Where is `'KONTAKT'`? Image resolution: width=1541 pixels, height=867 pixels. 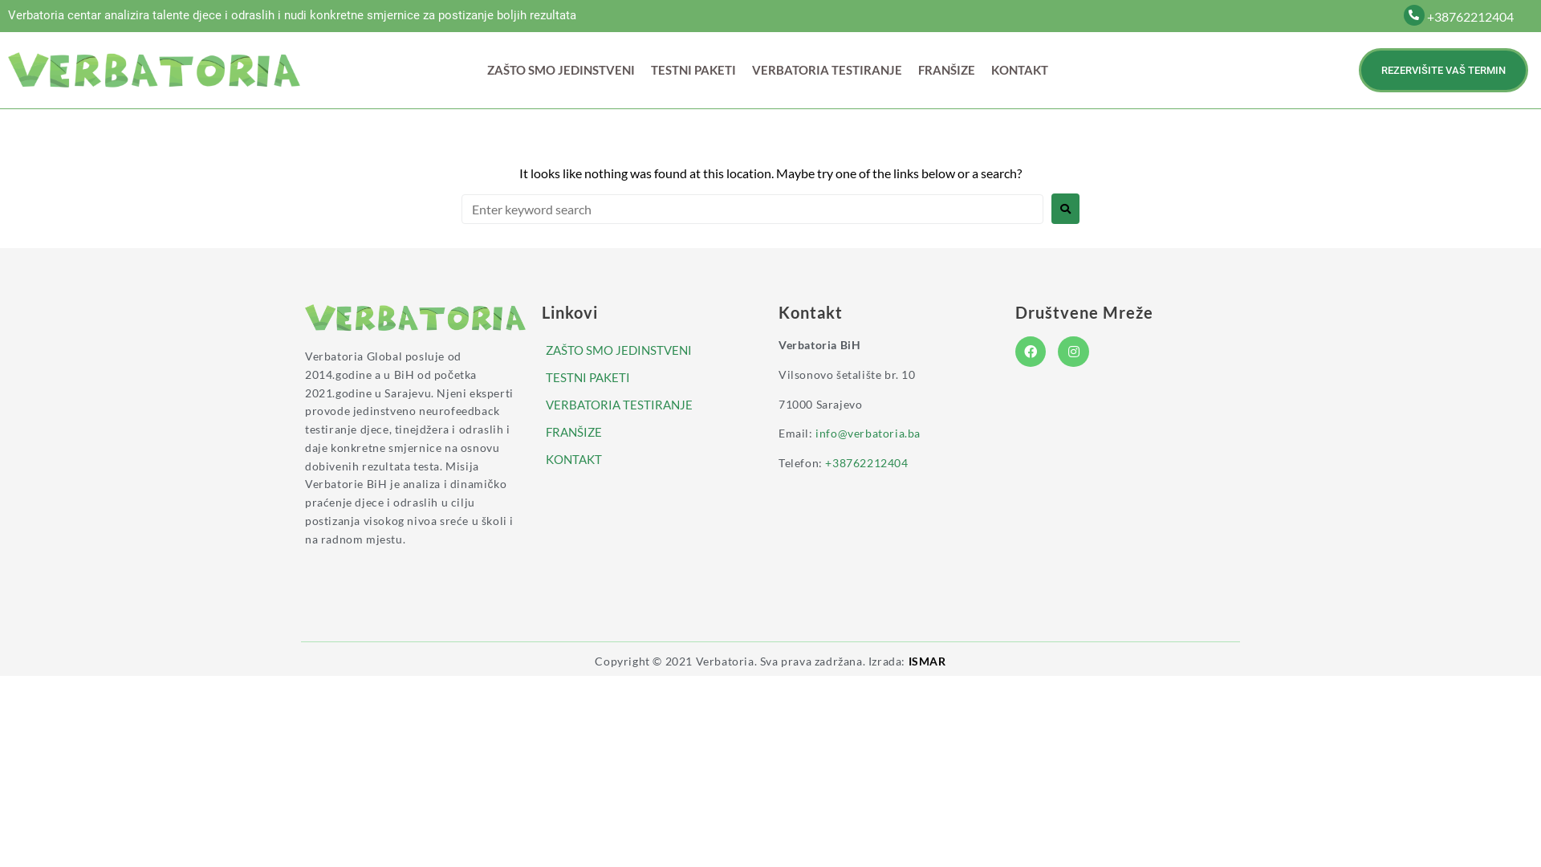 'KONTAKT' is located at coordinates (1019, 69).